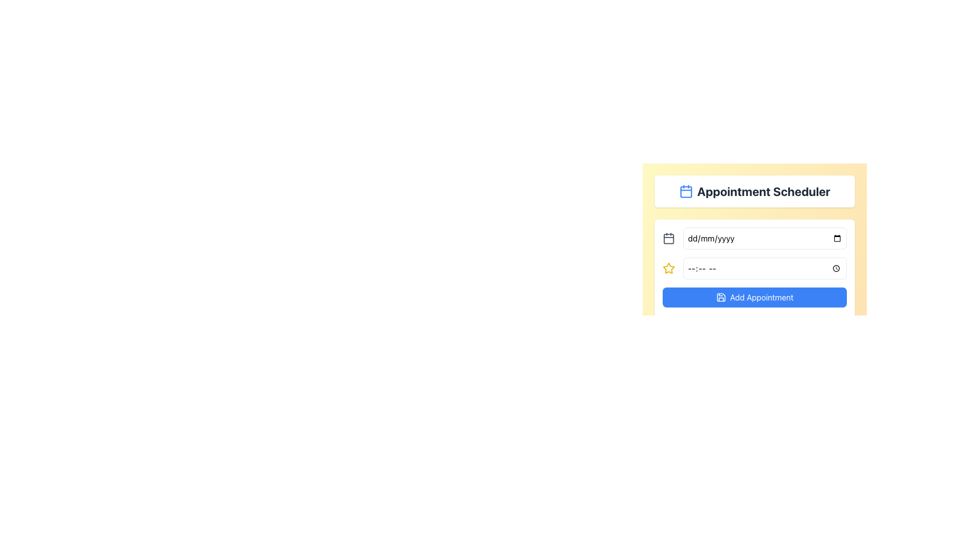 The image size is (961, 540). I want to click on the calendar icon located at the leftmost part of the 'Appointment Scheduler' header, which is visually distinct as the only icon in that section, so click(686, 191).